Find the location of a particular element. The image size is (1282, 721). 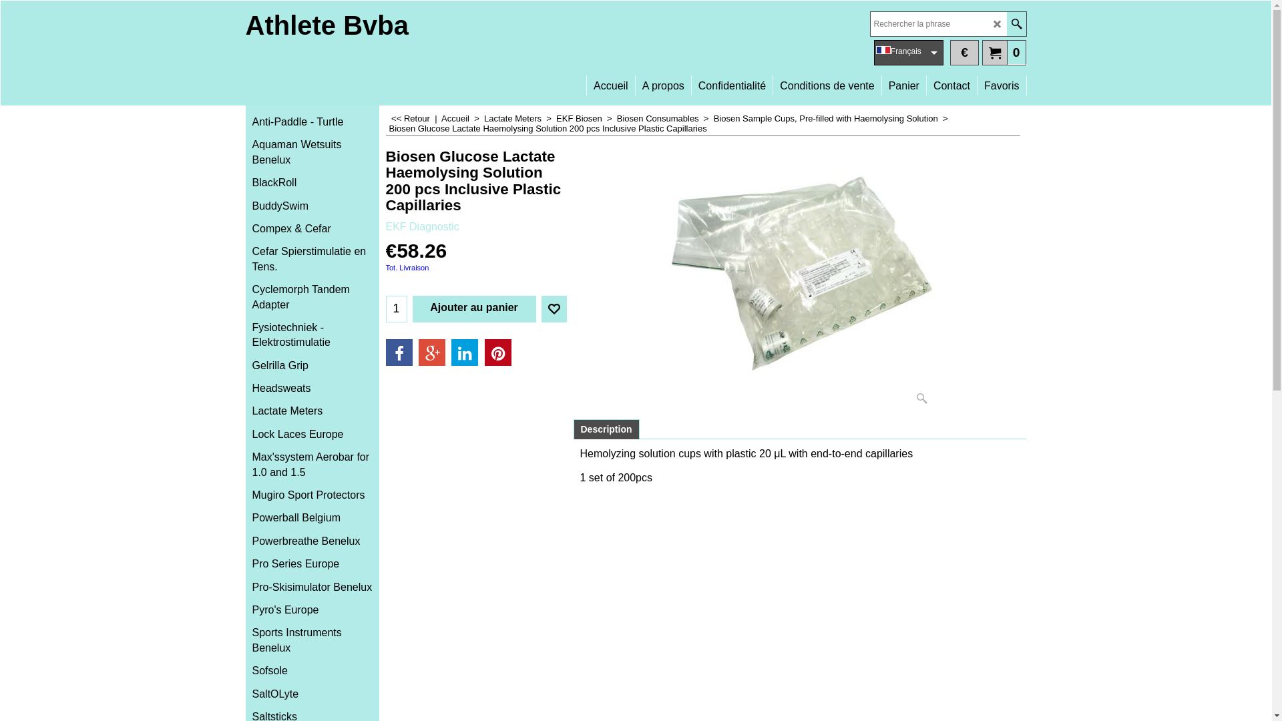

'Conditions de vente' is located at coordinates (826, 79).